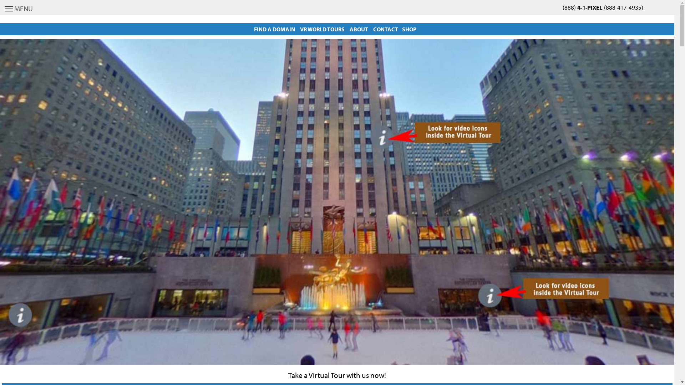 This screenshot has height=385, width=685. What do you see at coordinates (288, 375) in the screenshot?
I see `'Take a Virtual Tour with us now!'` at bounding box center [288, 375].